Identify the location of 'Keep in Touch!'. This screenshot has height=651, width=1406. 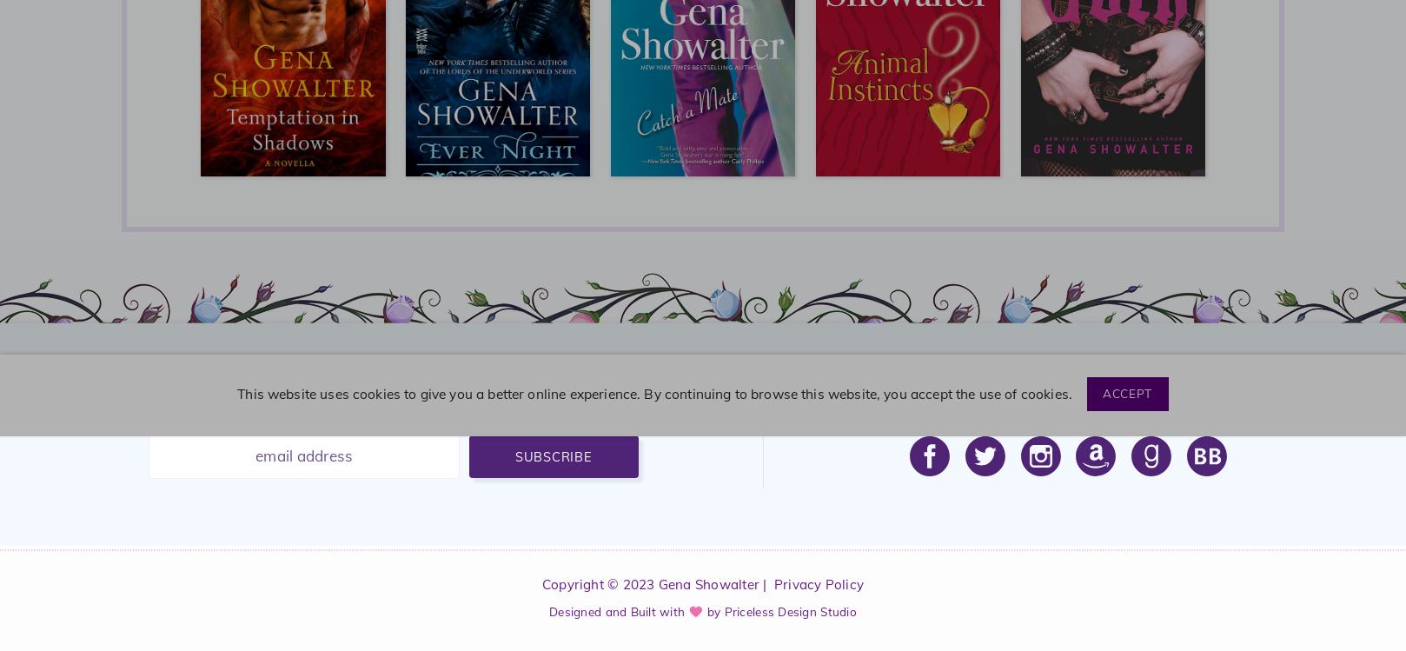
(1067, 403).